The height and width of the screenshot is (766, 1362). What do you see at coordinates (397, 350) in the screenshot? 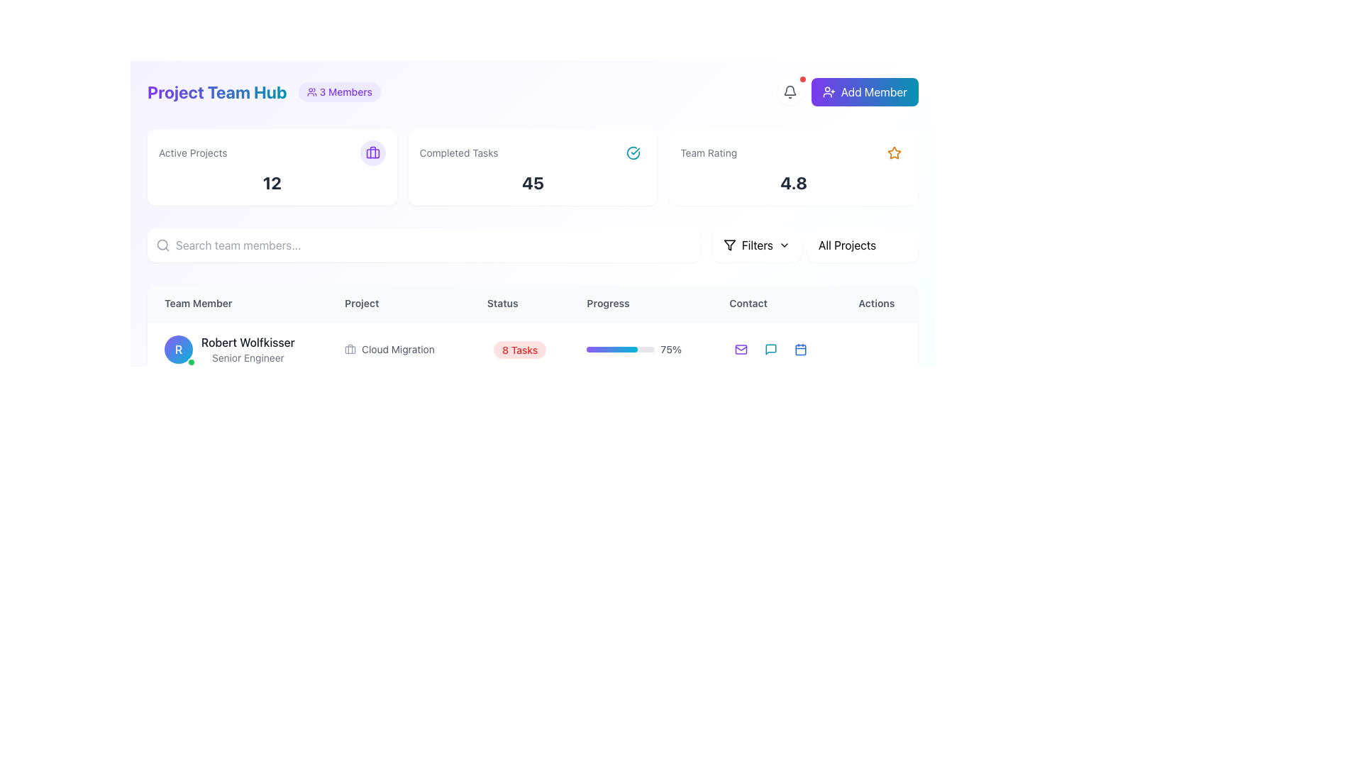
I see `the Text label indicating the name of the project associated with Robert Wolfkisser, which is positioned to the right of the briefcase icon in the 'Project' column` at bounding box center [397, 350].